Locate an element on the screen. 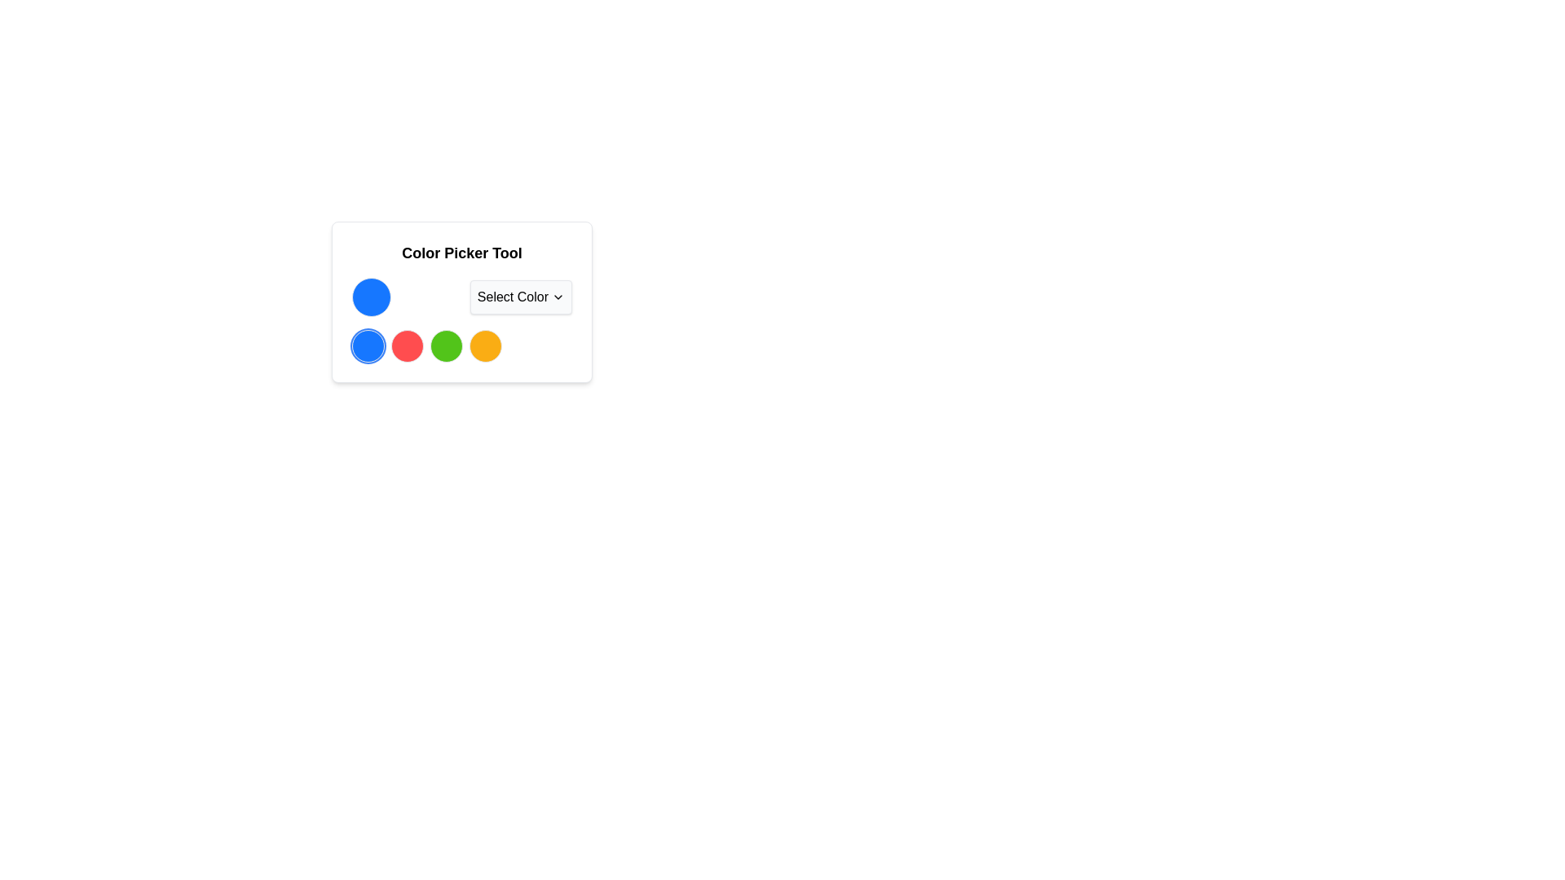  the second selectable color option circle in the color picker interface is located at coordinates (407, 345).